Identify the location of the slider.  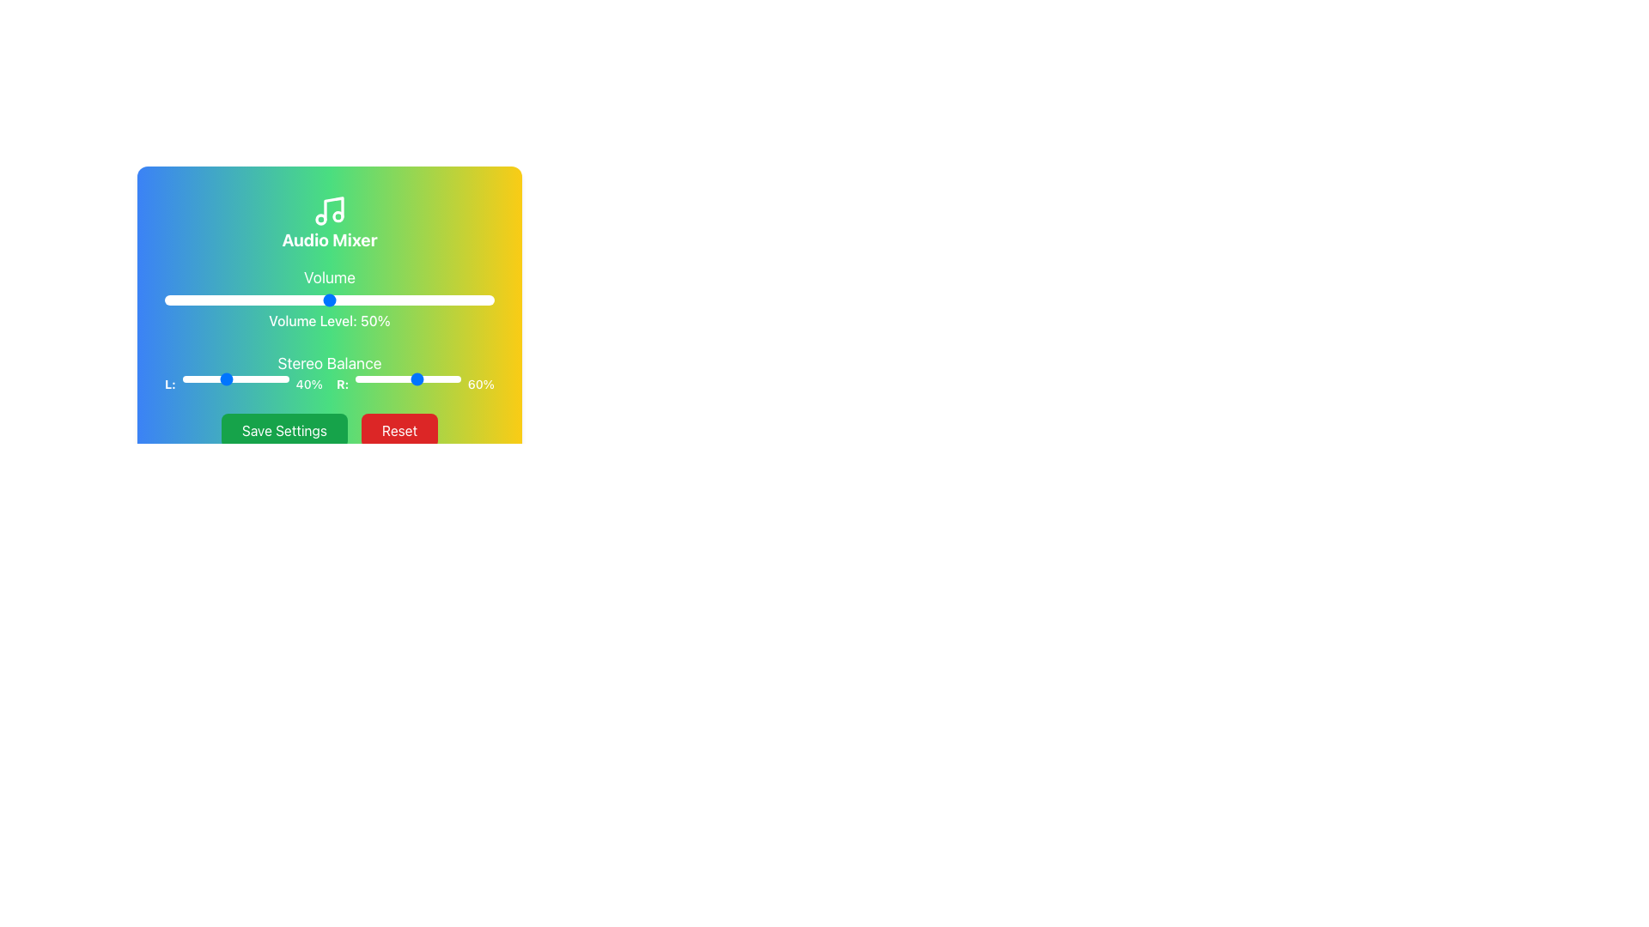
(259, 379).